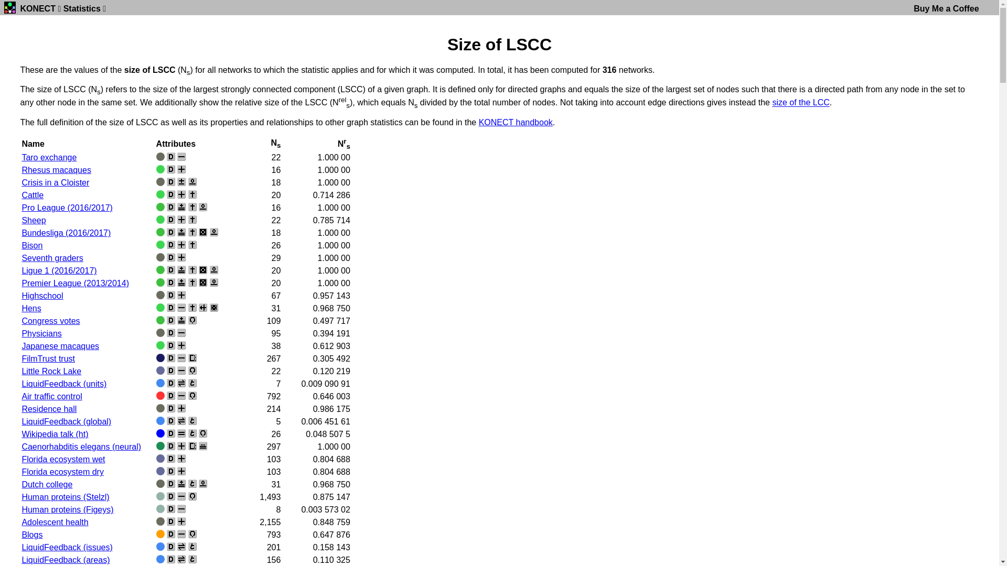 The height and width of the screenshot is (566, 1007). What do you see at coordinates (56, 169) in the screenshot?
I see `'Rhesus macaques'` at bounding box center [56, 169].